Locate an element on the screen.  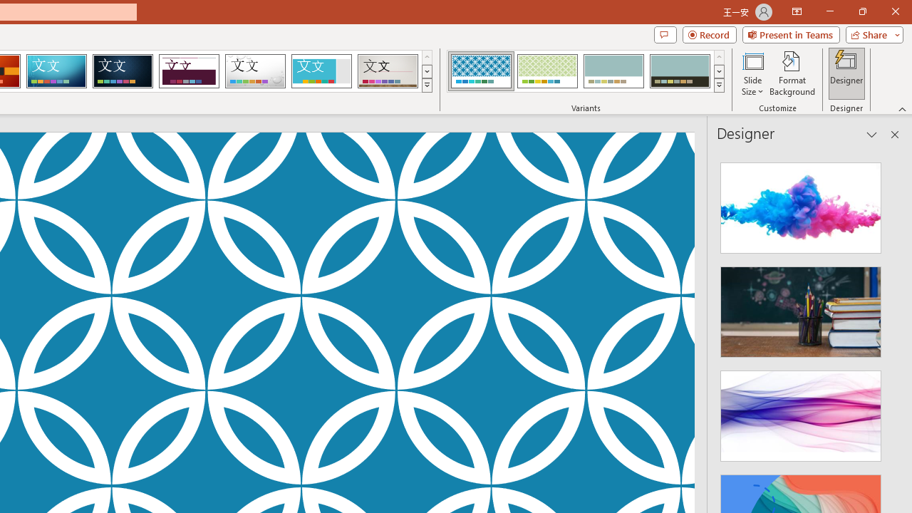
'Variants' is located at coordinates (719, 85).